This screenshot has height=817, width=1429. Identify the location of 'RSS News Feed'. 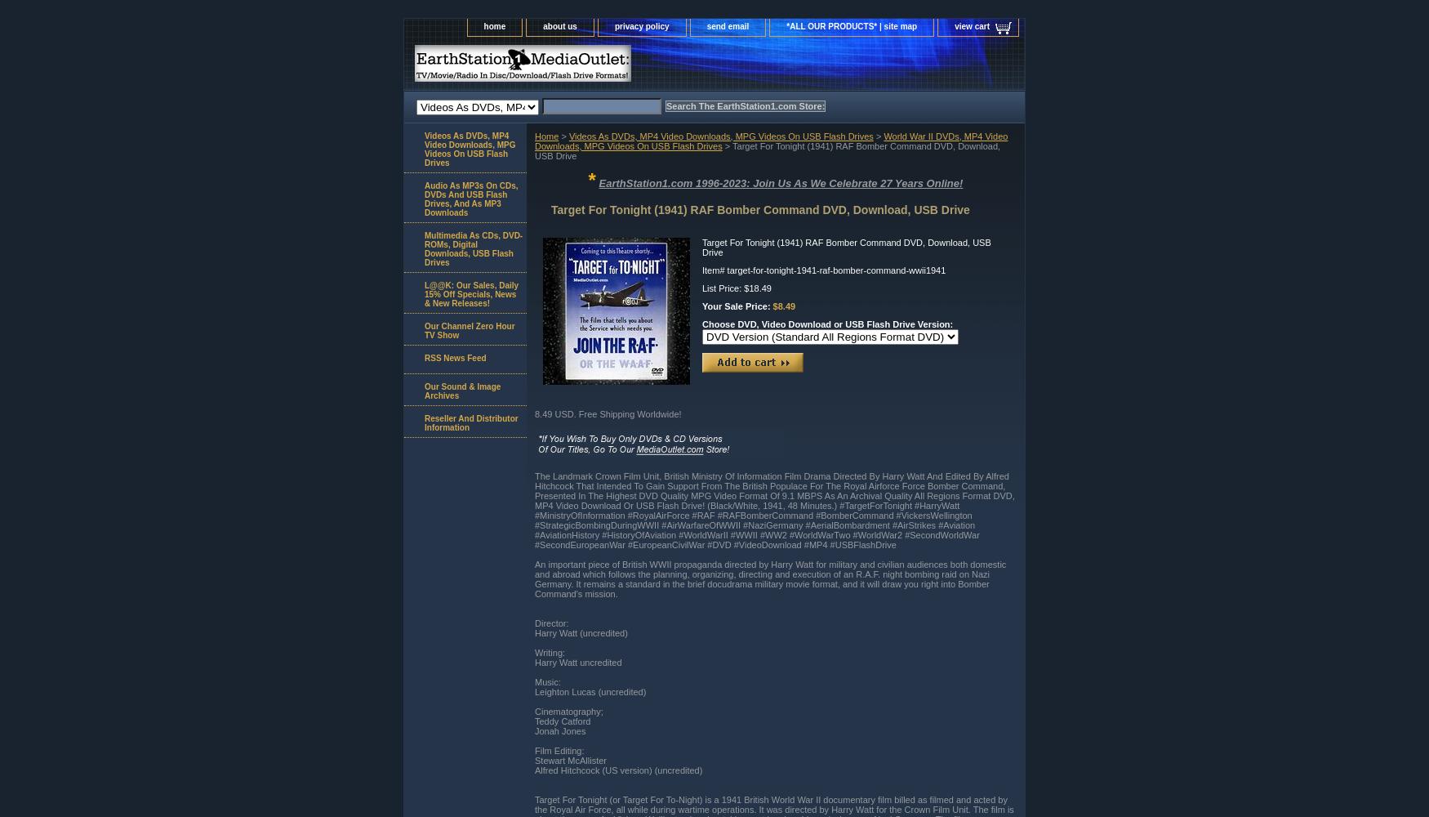
(454, 357).